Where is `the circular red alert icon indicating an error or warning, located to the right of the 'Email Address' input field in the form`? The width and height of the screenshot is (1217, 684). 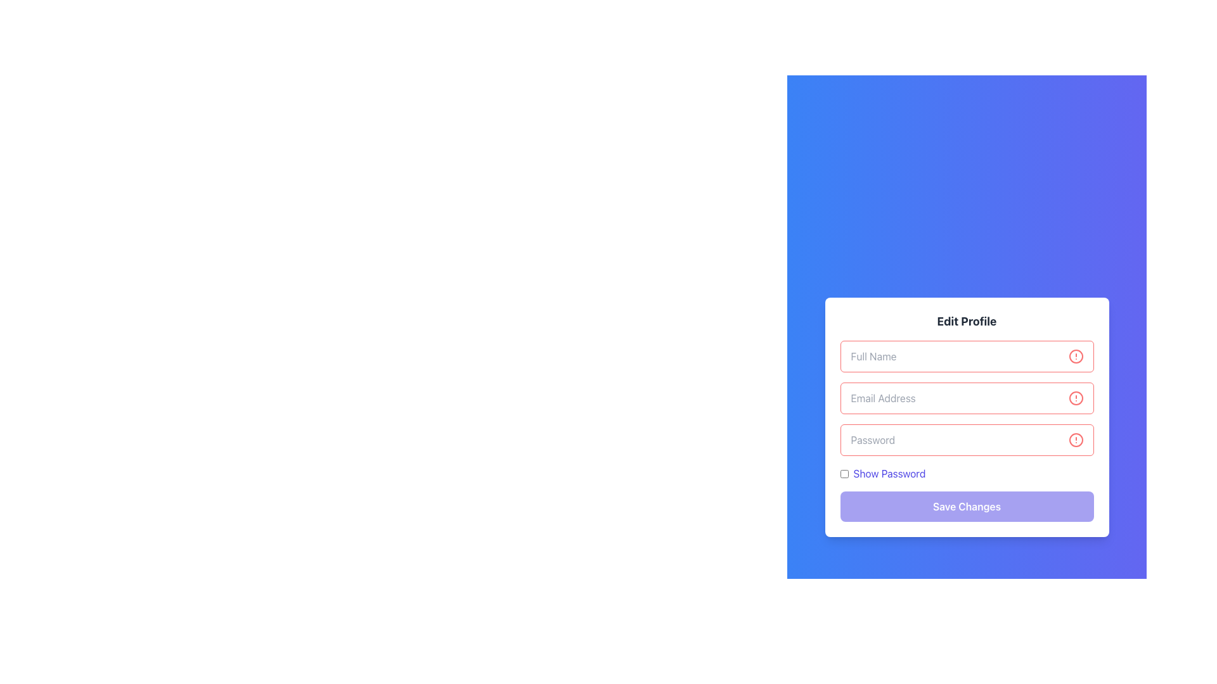 the circular red alert icon indicating an error or warning, located to the right of the 'Email Address' input field in the form is located at coordinates (1075, 397).